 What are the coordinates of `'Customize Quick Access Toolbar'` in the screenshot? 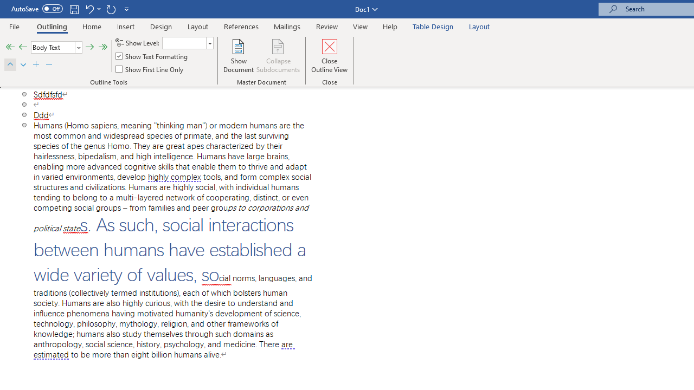 It's located at (127, 9).